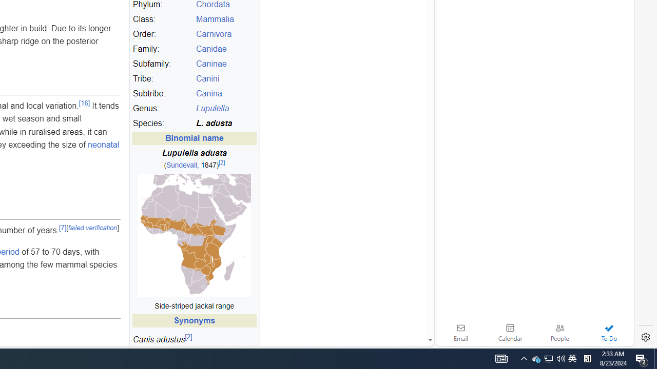 Image resolution: width=657 pixels, height=369 pixels. I want to click on '[16]', so click(85, 102).